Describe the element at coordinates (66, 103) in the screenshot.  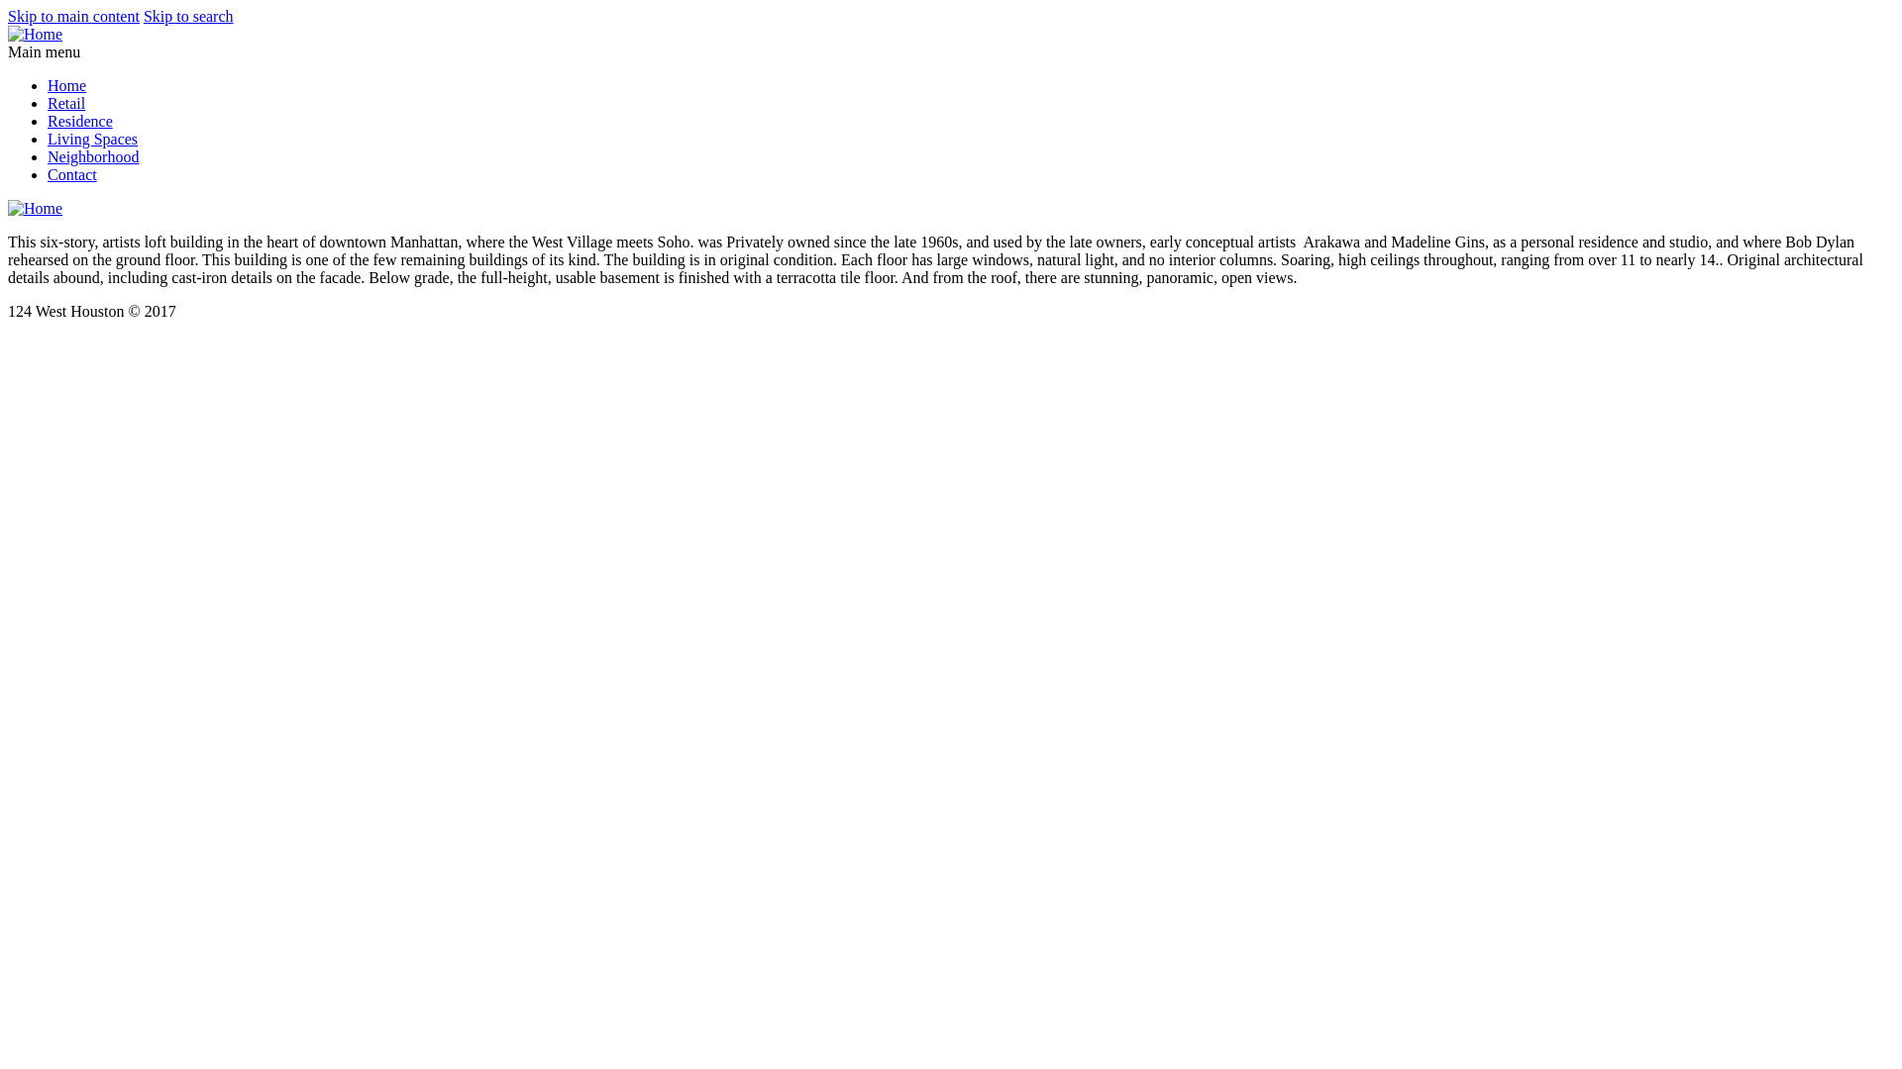
I see `'Retail'` at that location.